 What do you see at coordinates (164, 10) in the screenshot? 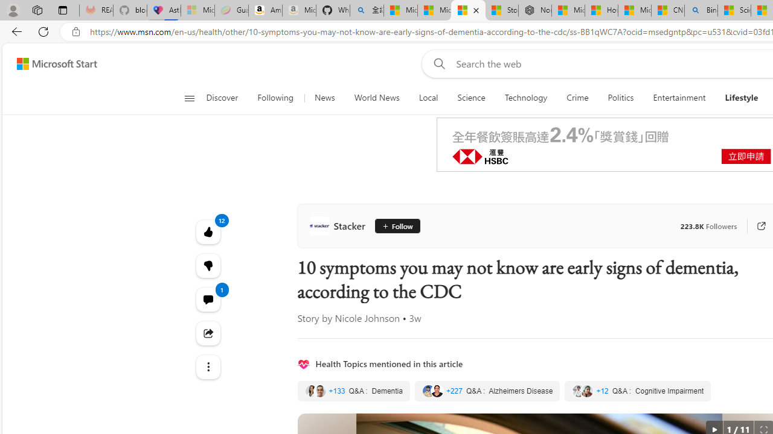
I see `'Asthma Inhalers: Names and Types'` at bounding box center [164, 10].